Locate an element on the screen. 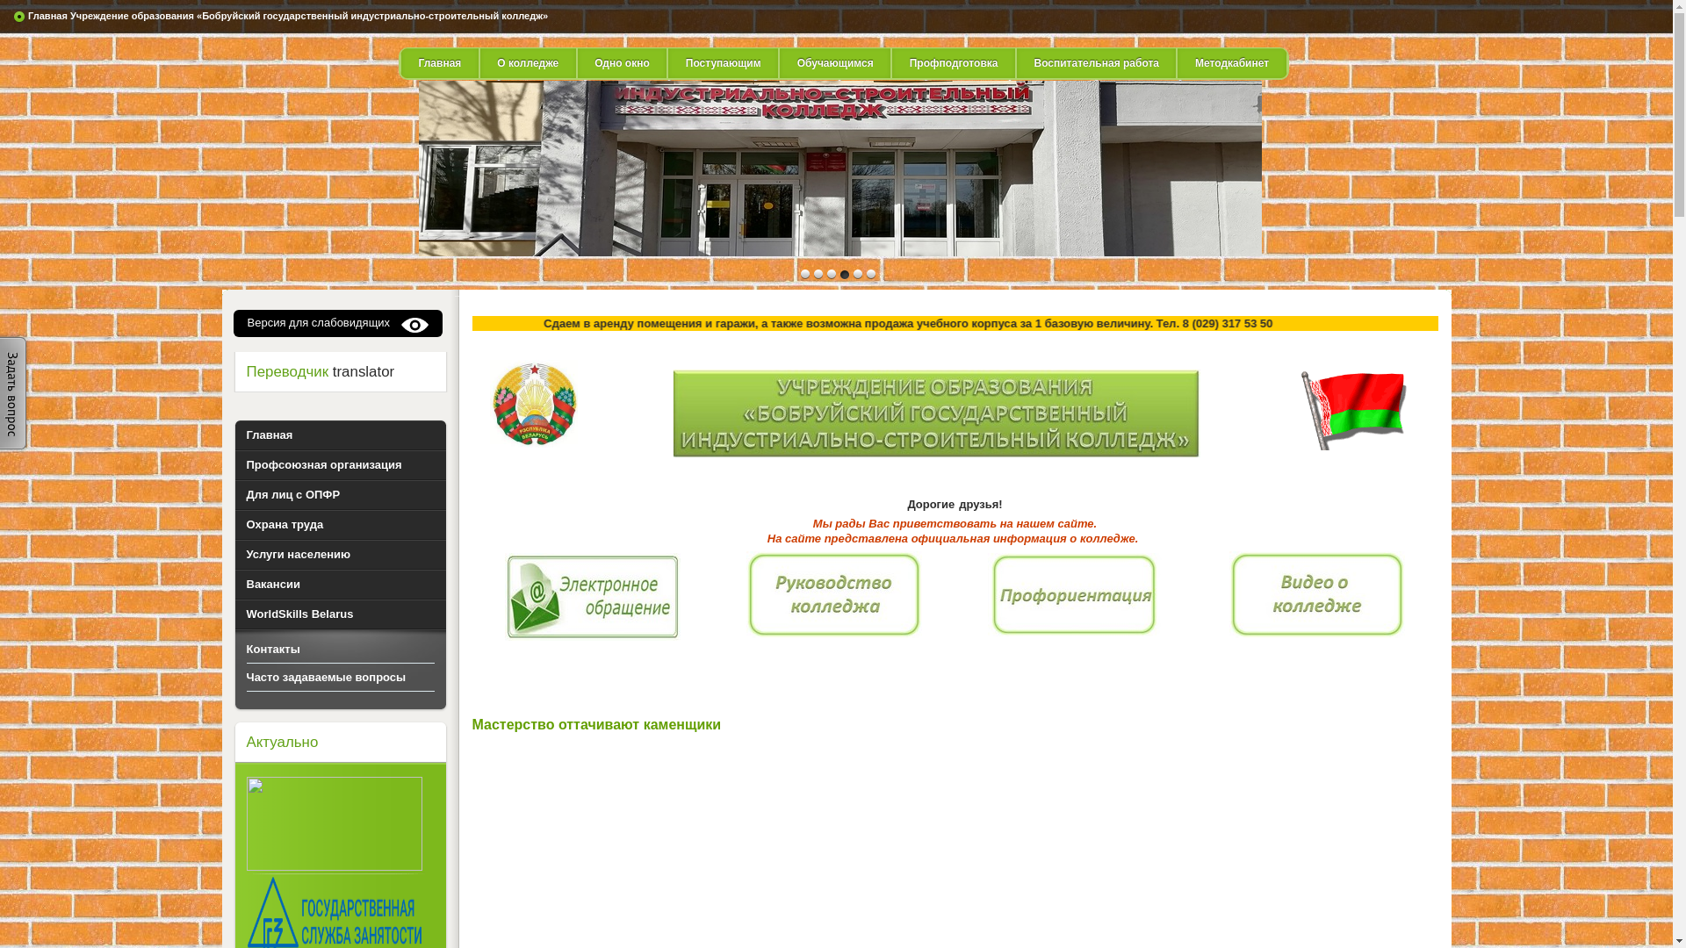  'WorldSkills Belarus' is located at coordinates (341, 613).